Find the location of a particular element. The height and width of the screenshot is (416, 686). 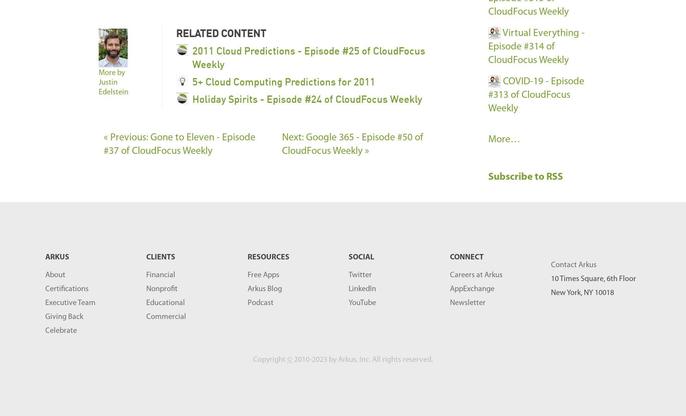

'AppExchange' is located at coordinates (450, 289).